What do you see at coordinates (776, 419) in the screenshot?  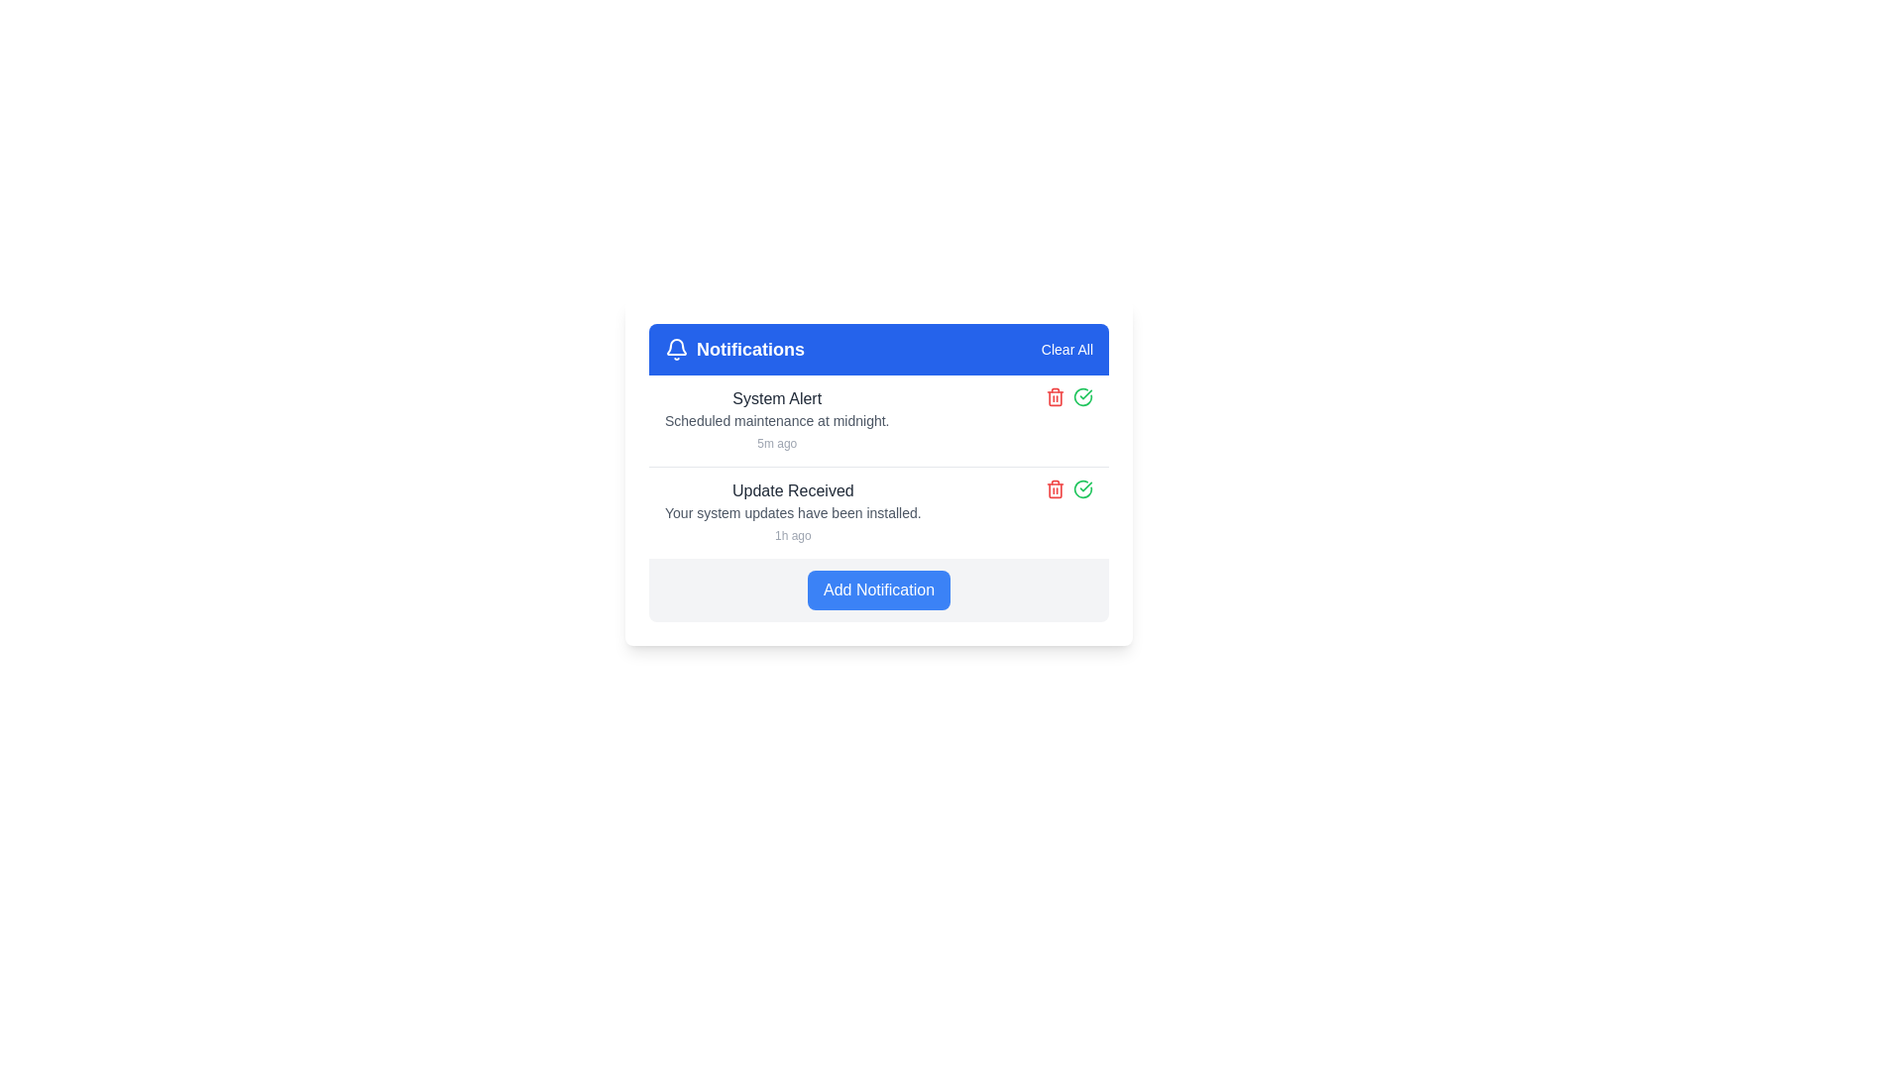 I see `alert message from the Notification Item that displays 'System Alert', 'Scheduled maintenance at midnight.', and '5m ago'` at bounding box center [776, 419].